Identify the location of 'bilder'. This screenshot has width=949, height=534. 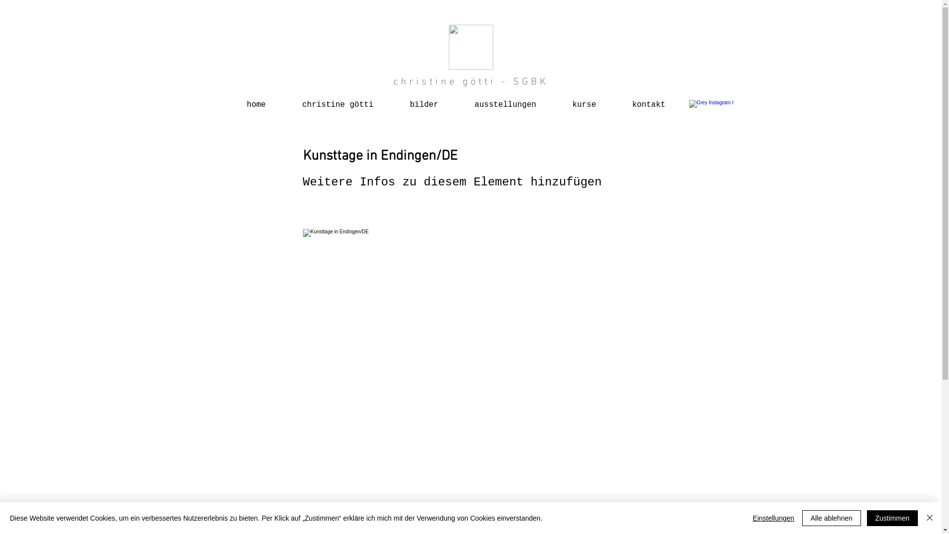
(424, 100).